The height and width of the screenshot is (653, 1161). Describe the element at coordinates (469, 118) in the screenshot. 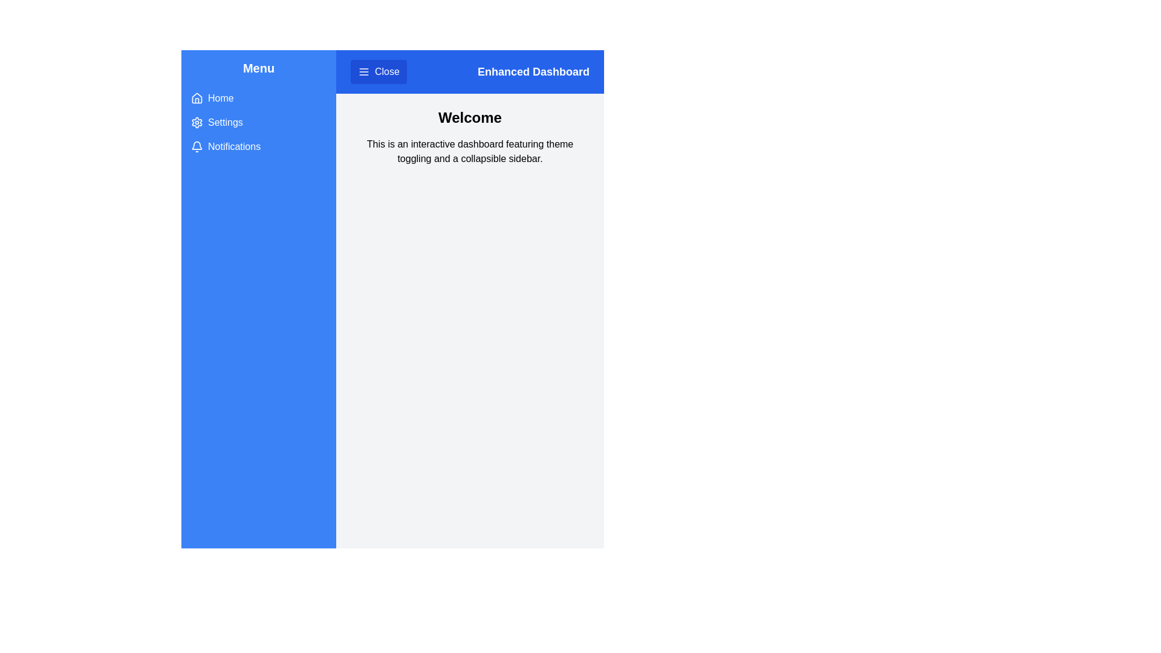

I see `the welcoming header text located at the top of the central content pane, directly beneath the application header bar` at that location.